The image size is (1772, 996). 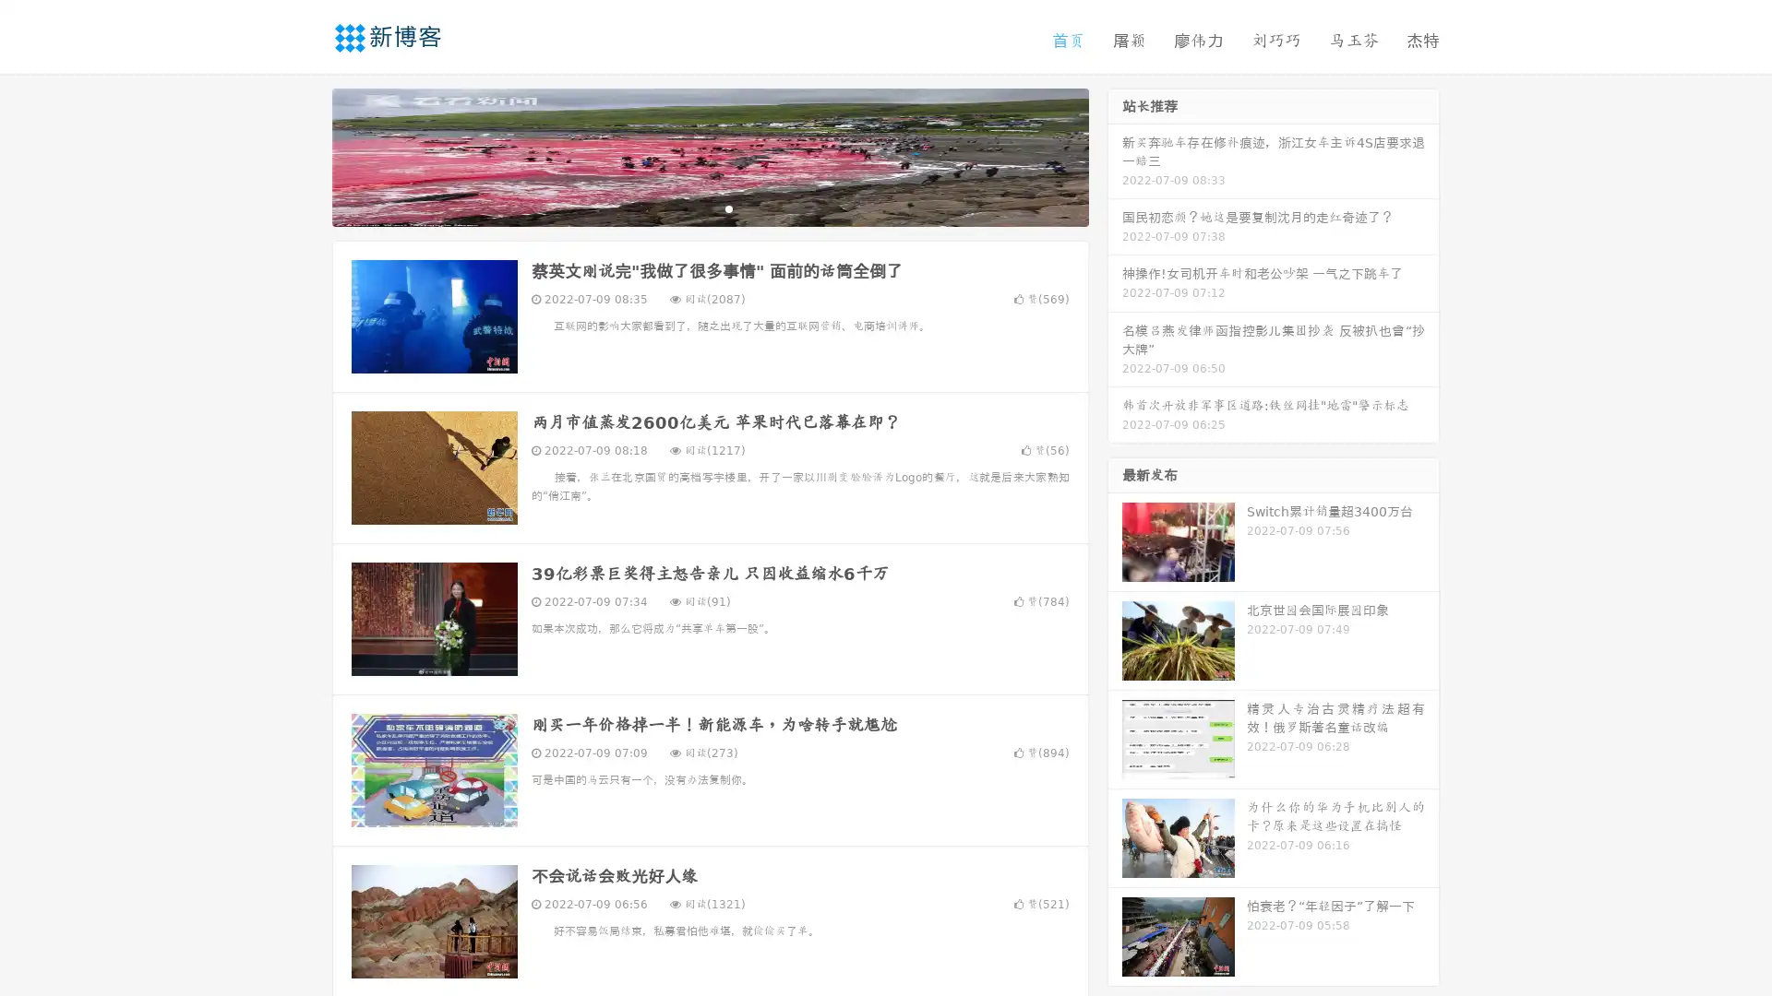 What do you see at coordinates (690, 207) in the screenshot?
I see `Go to slide 1` at bounding box center [690, 207].